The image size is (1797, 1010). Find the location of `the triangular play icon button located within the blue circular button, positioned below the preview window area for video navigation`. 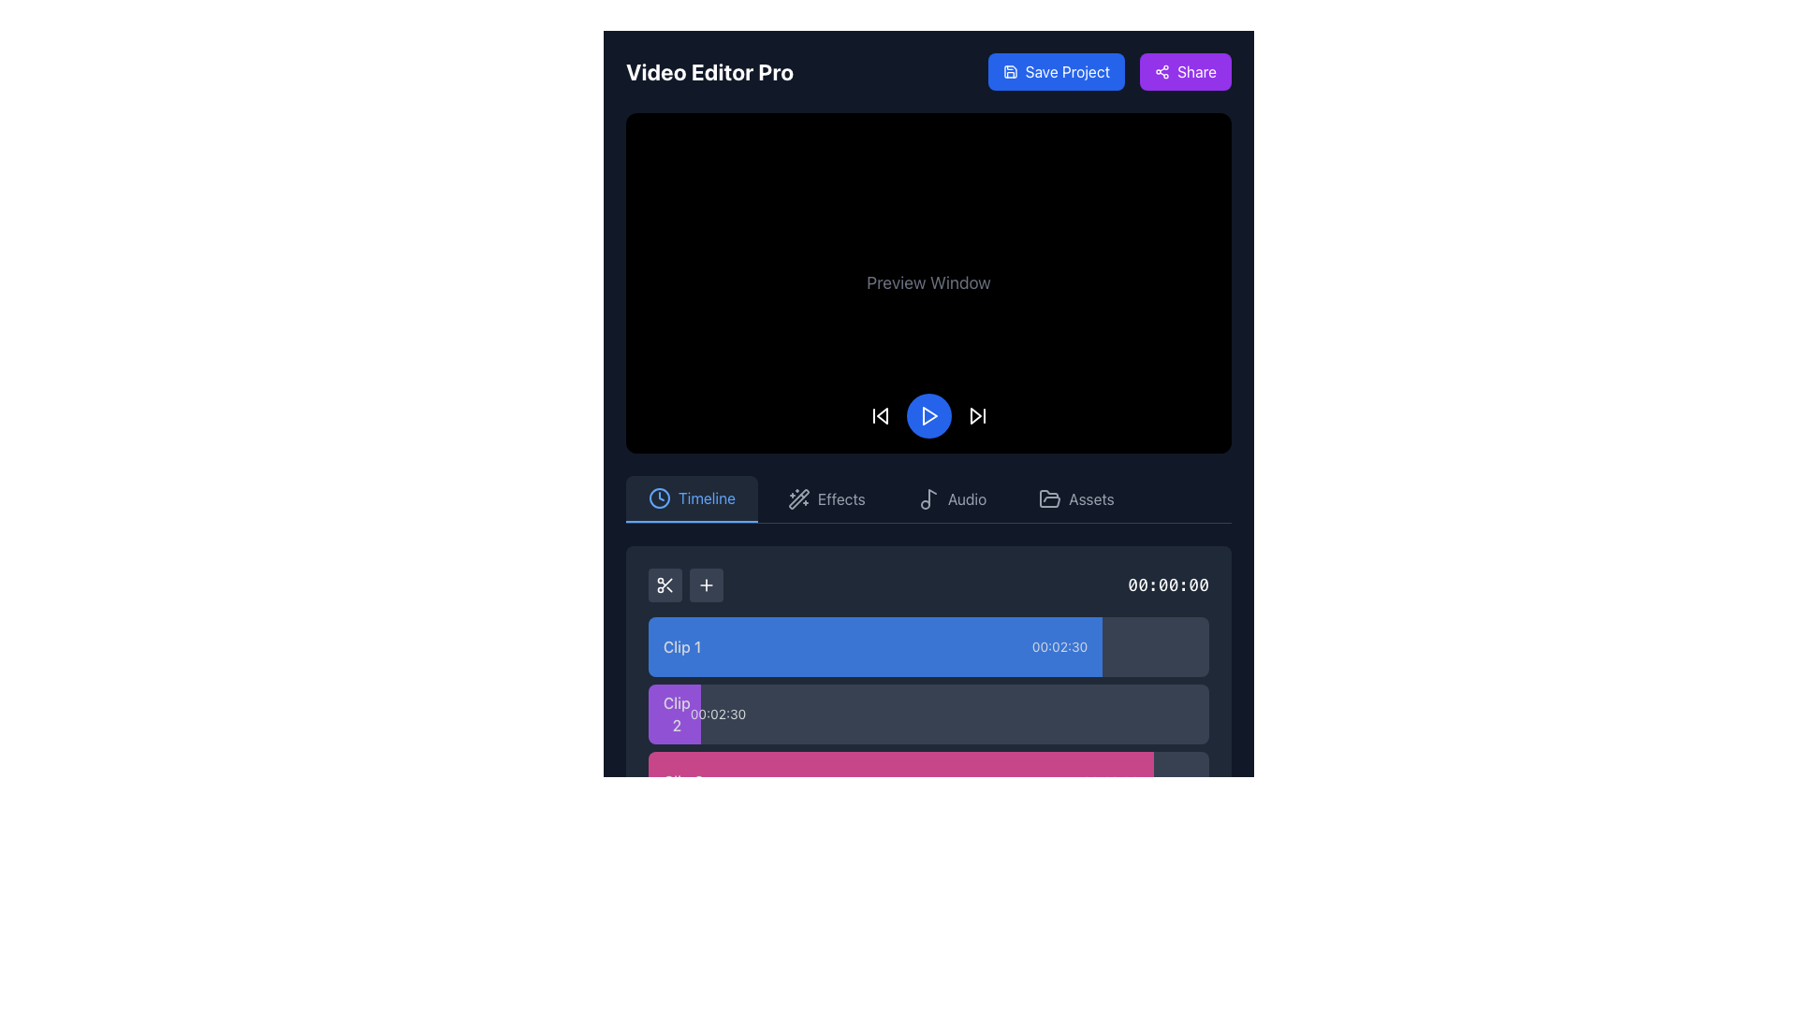

the triangular play icon button located within the blue circular button, positioned below the preview window area for video navigation is located at coordinates (928, 414).